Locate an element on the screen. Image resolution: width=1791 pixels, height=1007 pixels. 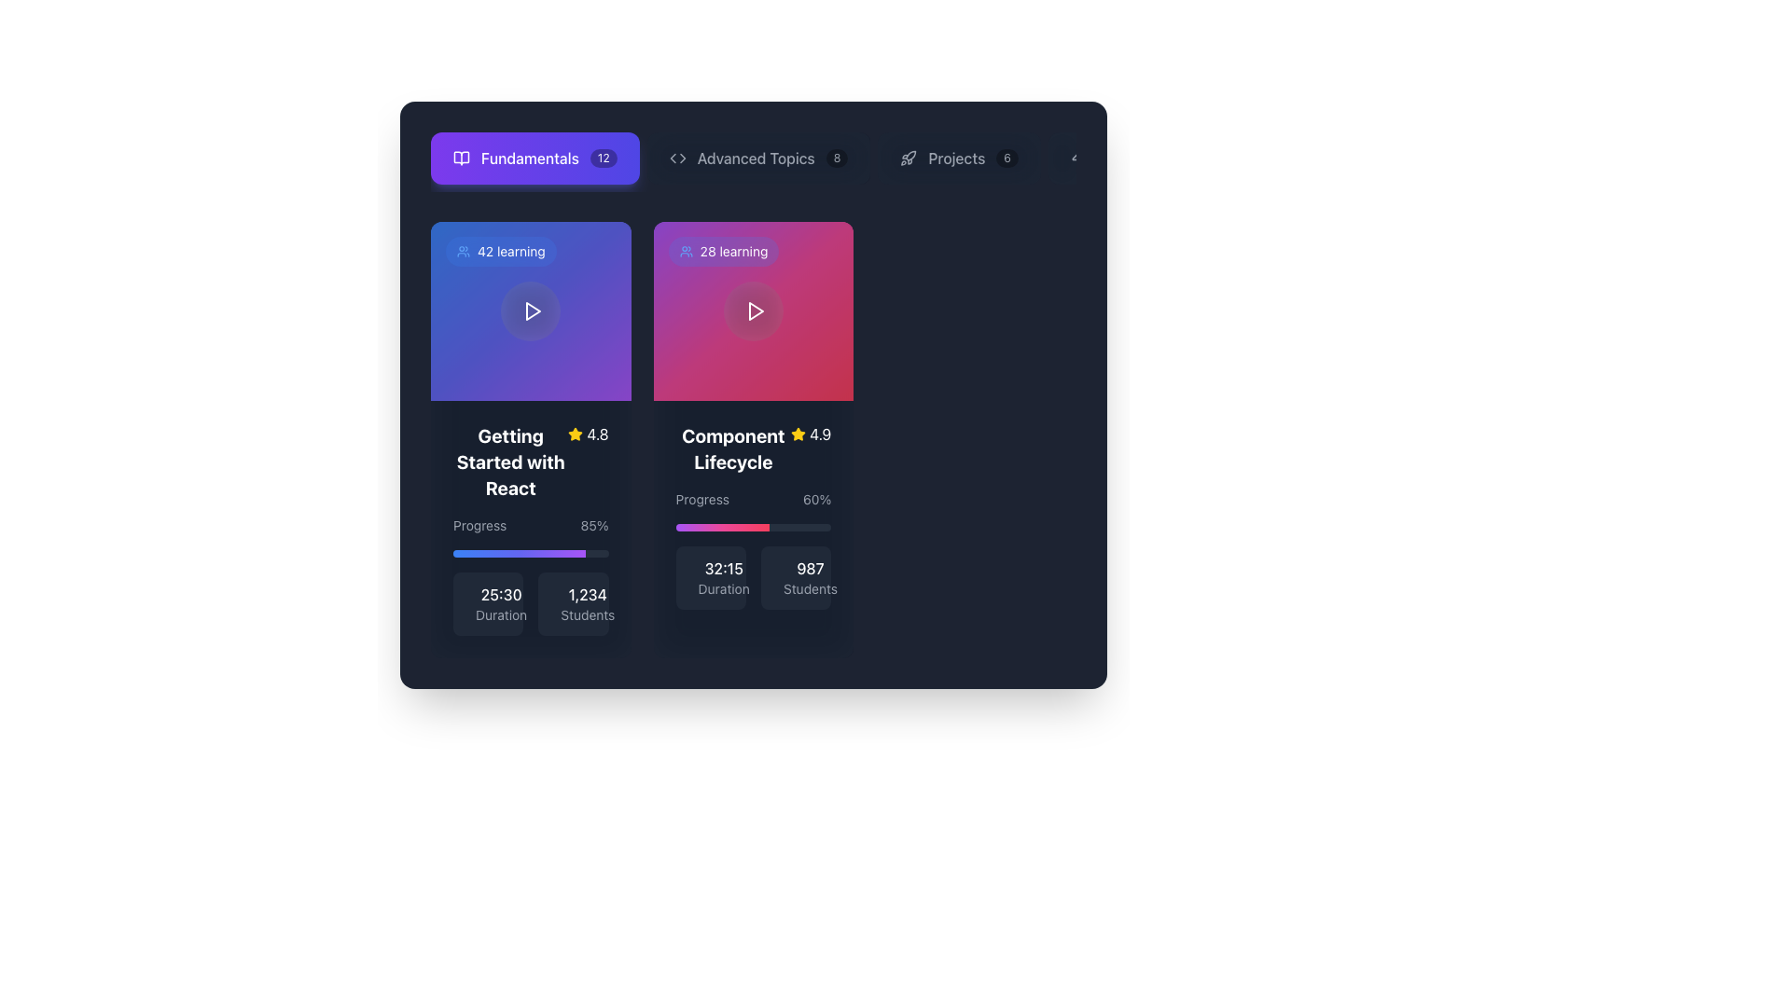
the badge indicator next to 'Advanced Topics', which displays a count or status related to that category is located at coordinates (836, 157).